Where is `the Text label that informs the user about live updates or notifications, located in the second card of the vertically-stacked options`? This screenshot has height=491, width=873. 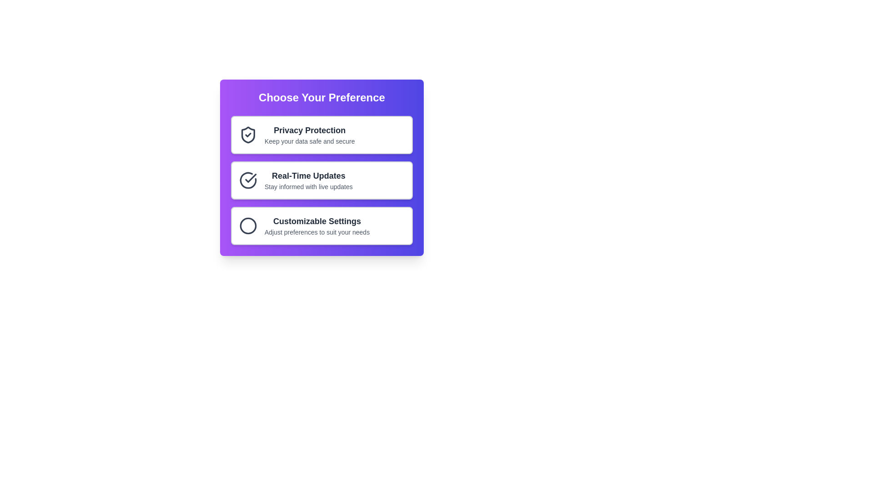
the Text label that informs the user about live updates or notifications, located in the second card of the vertically-stacked options is located at coordinates (308, 175).